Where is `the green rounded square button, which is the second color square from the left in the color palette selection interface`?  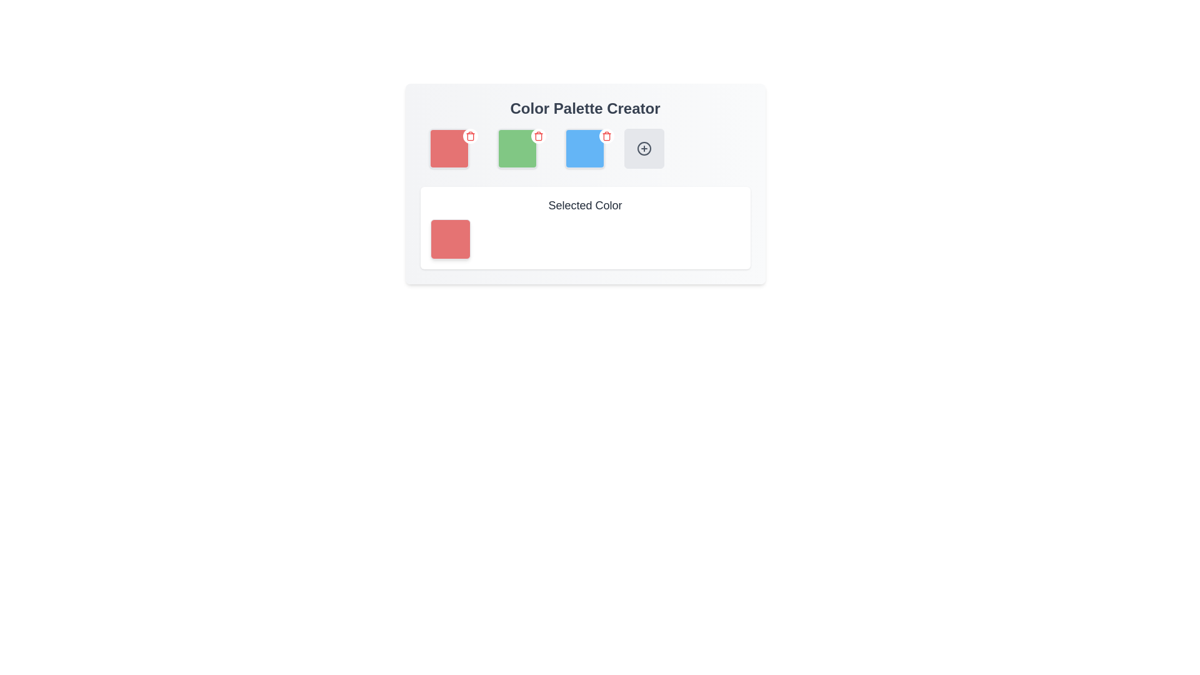
the green rounded square button, which is the second color square from the left in the color palette selection interface is located at coordinates (517, 148).